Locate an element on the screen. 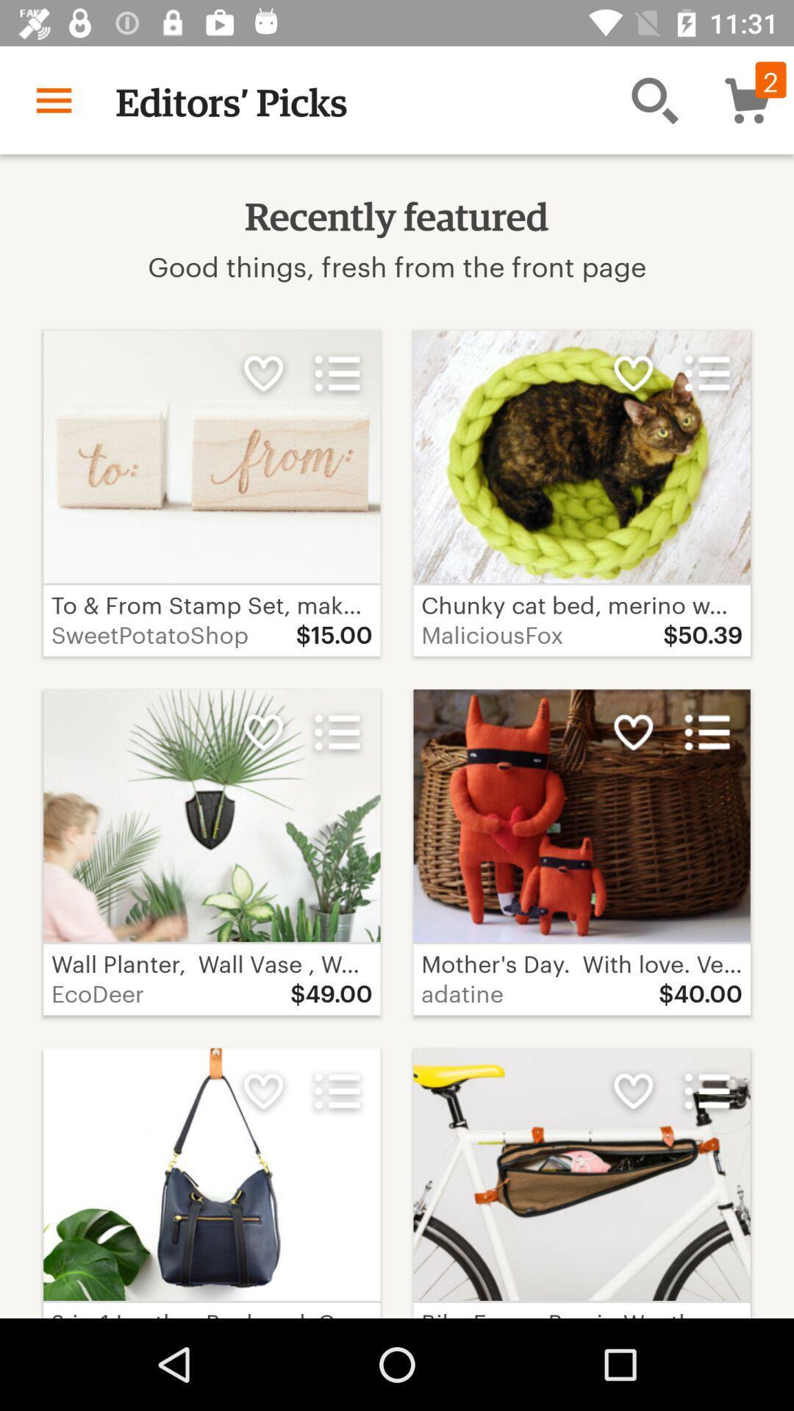 The image size is (794, 1411). the first image below the menu bar is located at coordinates (212, 456).